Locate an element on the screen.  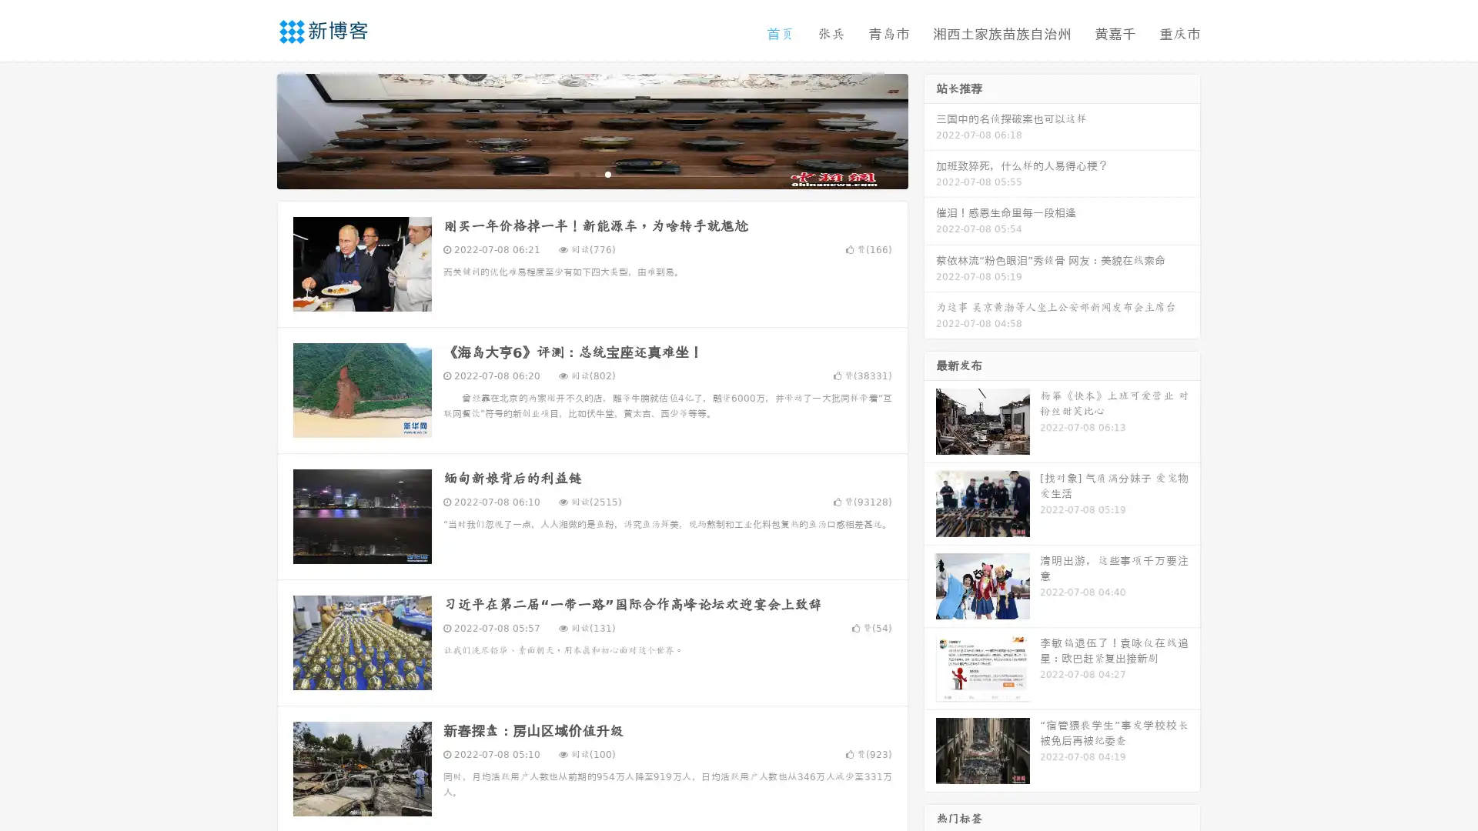
Go to slide 1 is located at coordinates (576, 173).